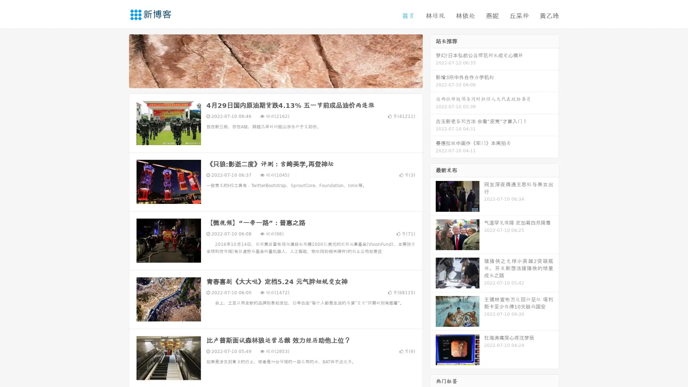 This screenshot has height=387, width=688. Describe the element at coordinates (275, 81) in the screenshot. I see `Go to slide 2` at that location.